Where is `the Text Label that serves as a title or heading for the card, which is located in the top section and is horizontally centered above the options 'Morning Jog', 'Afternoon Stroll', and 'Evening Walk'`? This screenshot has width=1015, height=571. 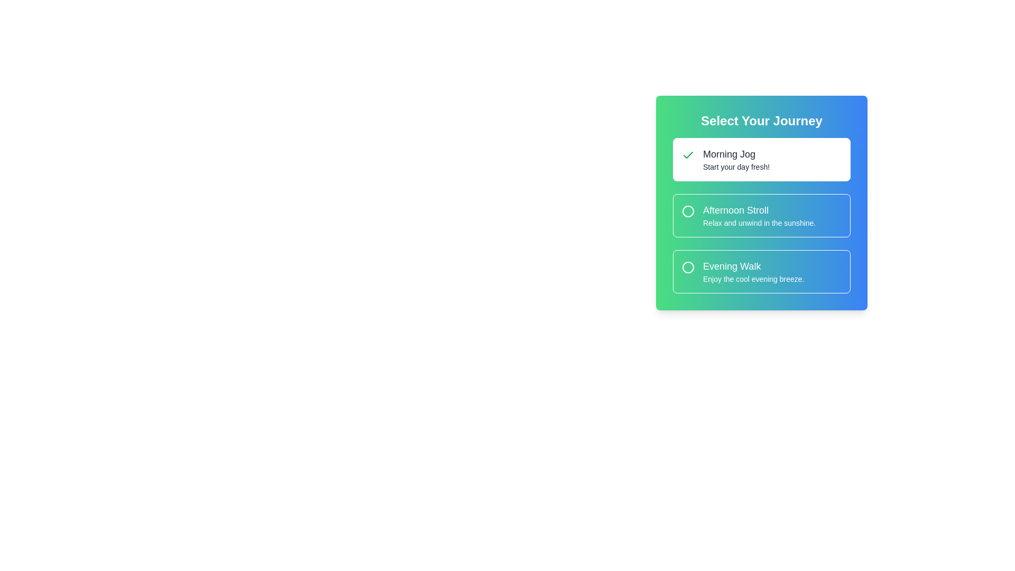 the Text Label that serves as a title or heading for the card, which is located in the top section and is horizontally centered above the options 'Morning Jog', 'Afternoon Stroll', and 'Evening Walk' is located at coordinates (761, 120).